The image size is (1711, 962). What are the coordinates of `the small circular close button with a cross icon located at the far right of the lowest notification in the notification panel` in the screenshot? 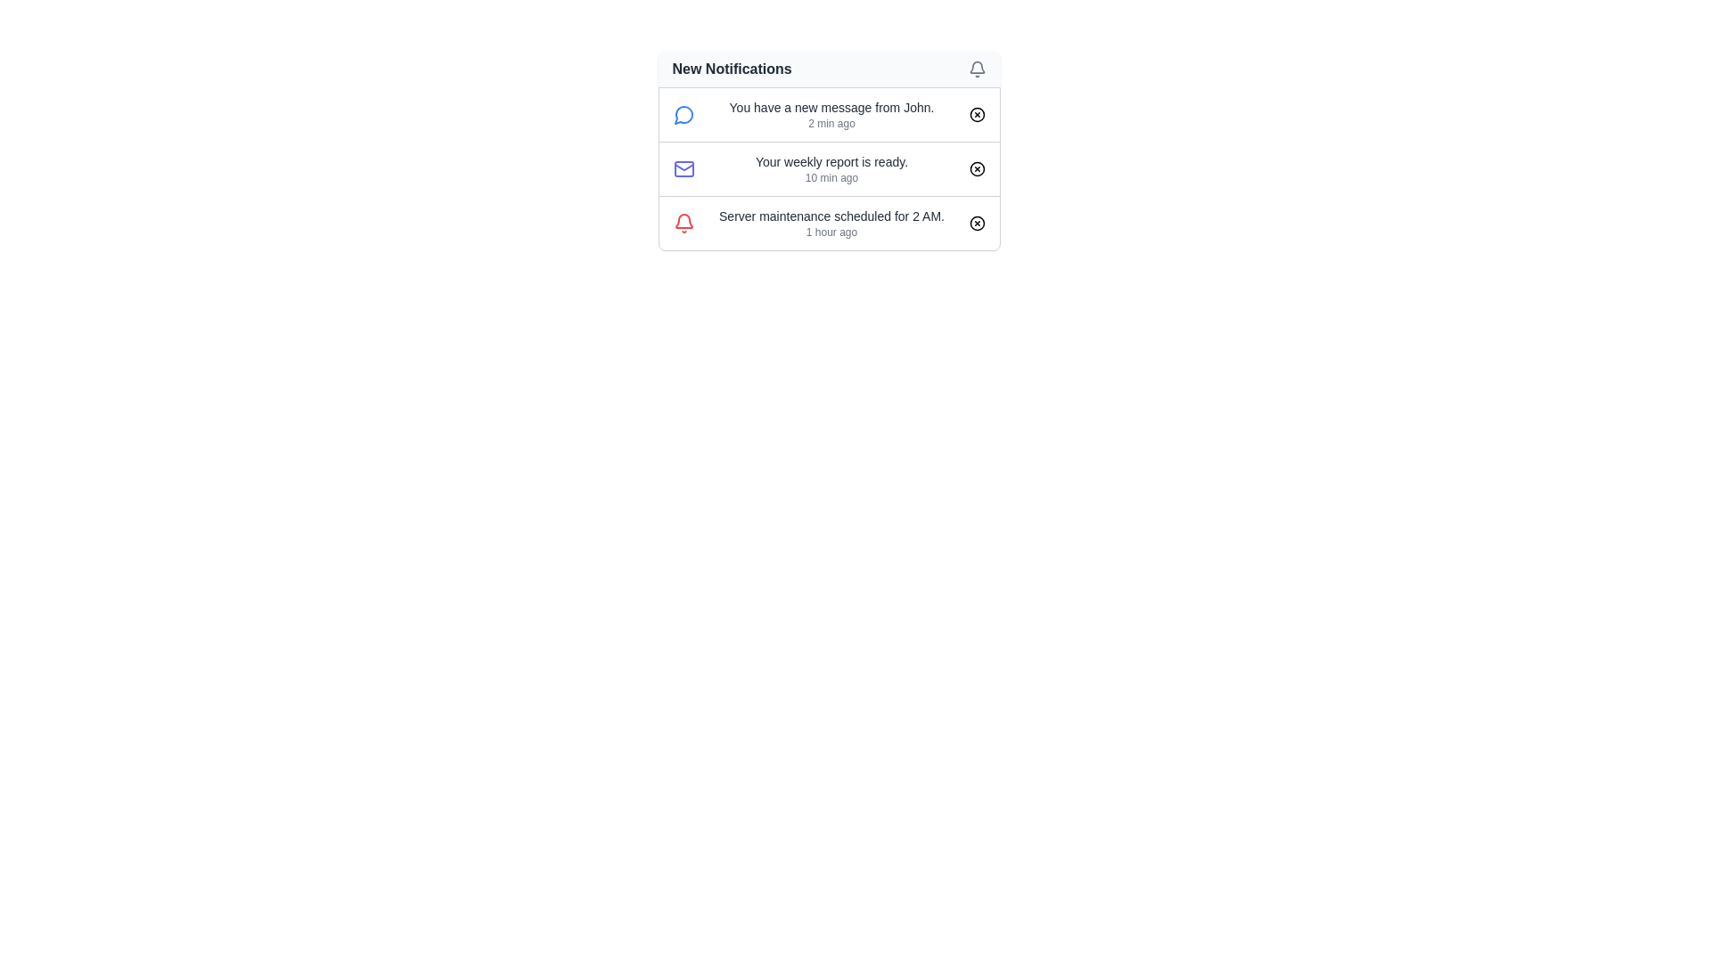 It's located at (976, 222).